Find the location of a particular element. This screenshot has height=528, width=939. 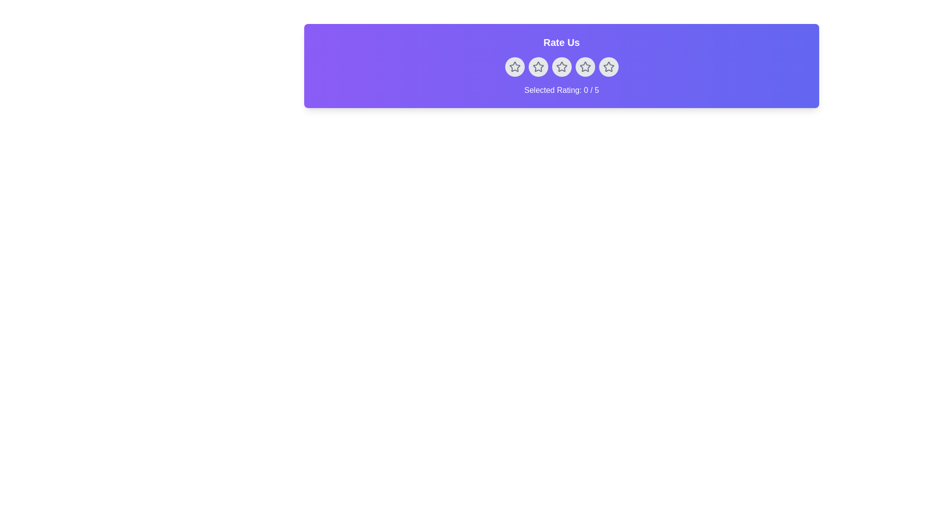

the rating to 2 stars by clicking on the corresponding star is located at coordinates (537, 66).